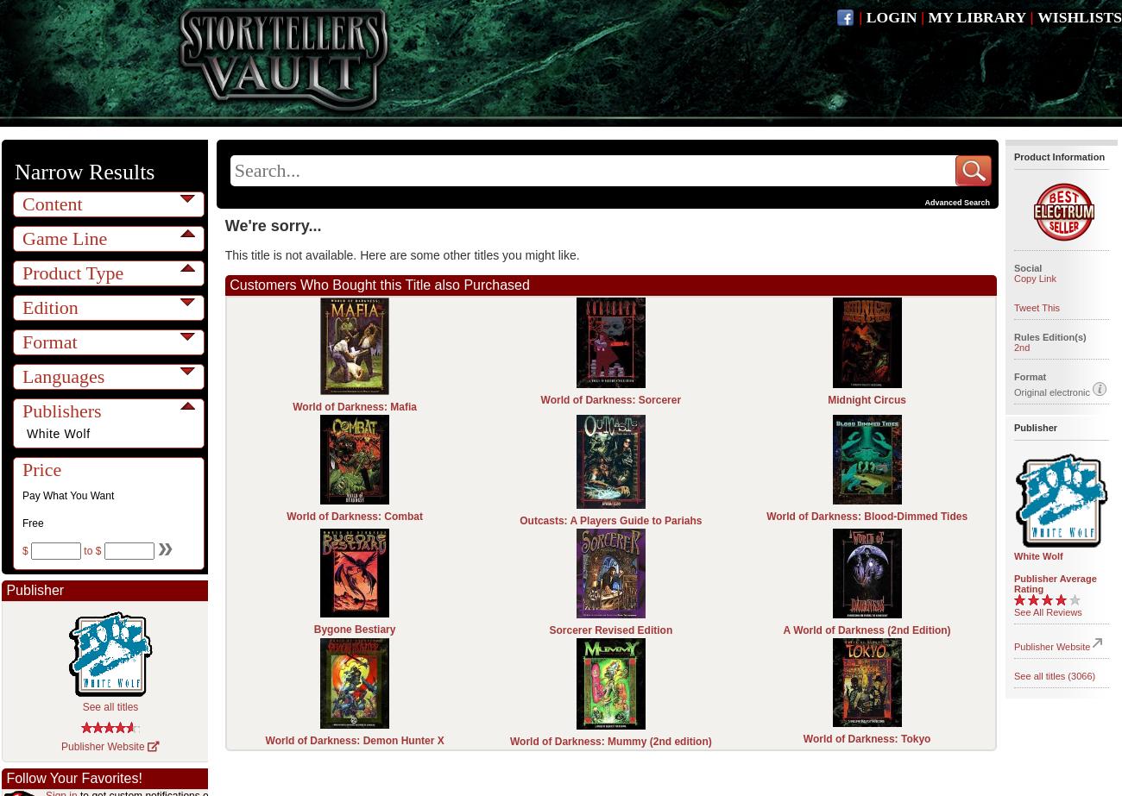 The image size is (1122, 796). What do you see at coordinates (955, 202) in the screenshot?
I see `'Advanced Search'` at bounding box center [955, 202].